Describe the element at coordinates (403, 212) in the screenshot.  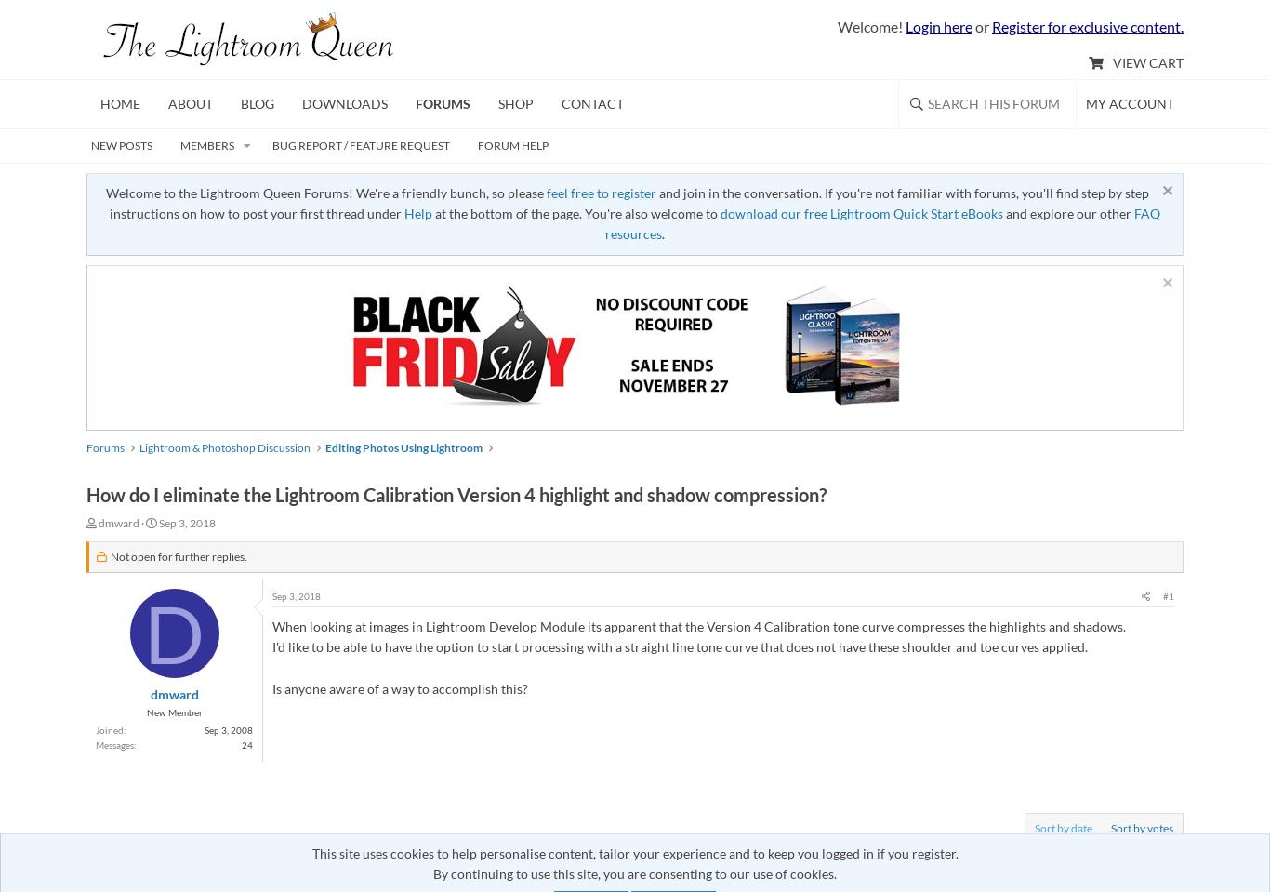
I see `'Help'` at that location.